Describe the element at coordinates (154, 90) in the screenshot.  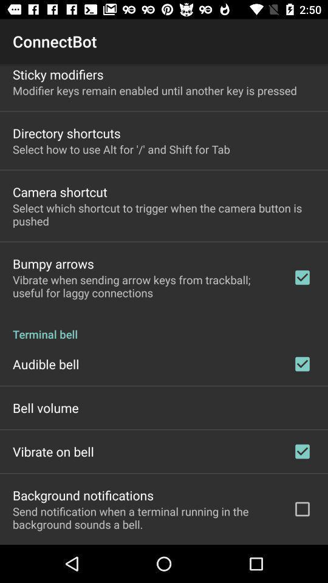
I see `the modifier keys remain item` at that location.